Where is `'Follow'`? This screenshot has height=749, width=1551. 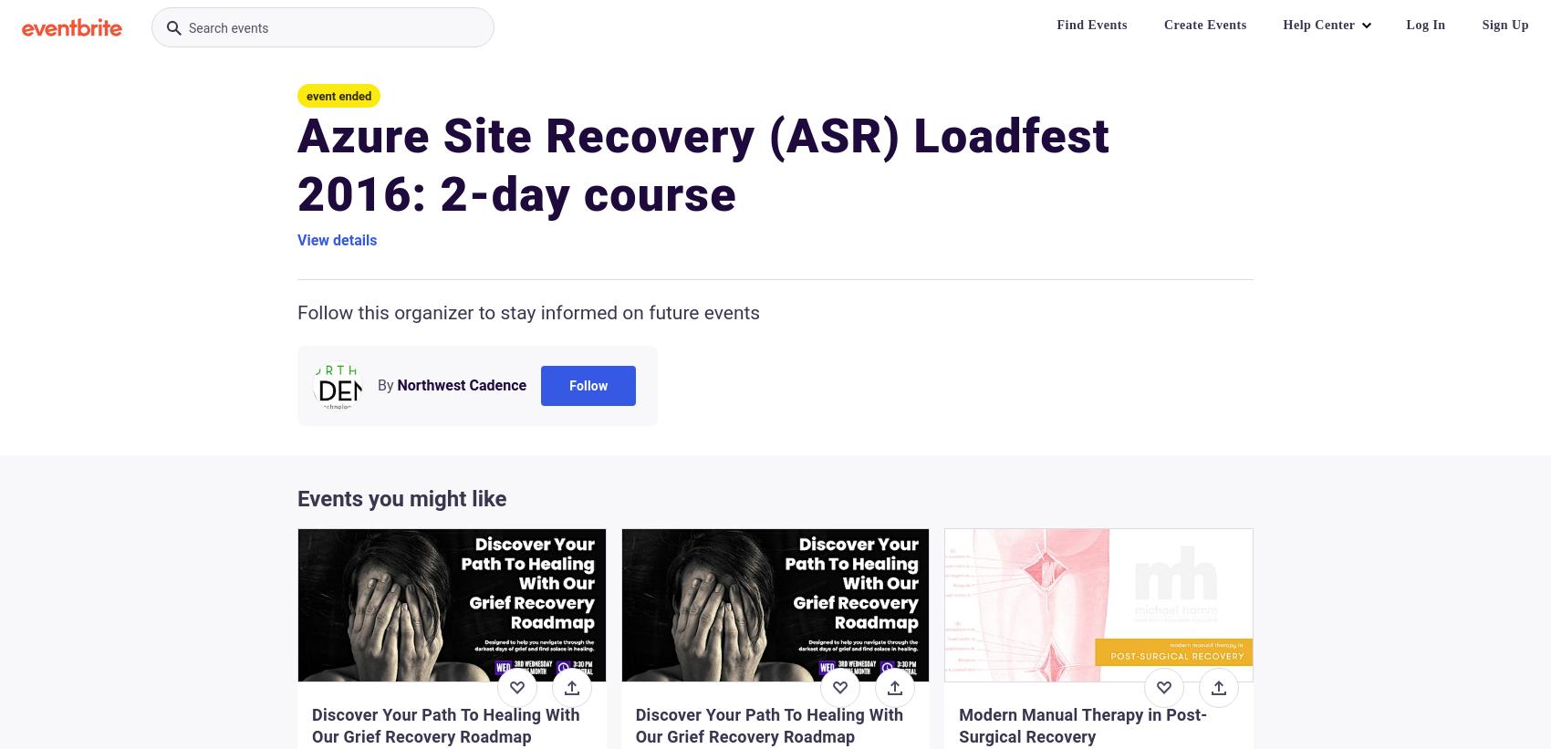
'Follow' is located at coordinates (568, 385).